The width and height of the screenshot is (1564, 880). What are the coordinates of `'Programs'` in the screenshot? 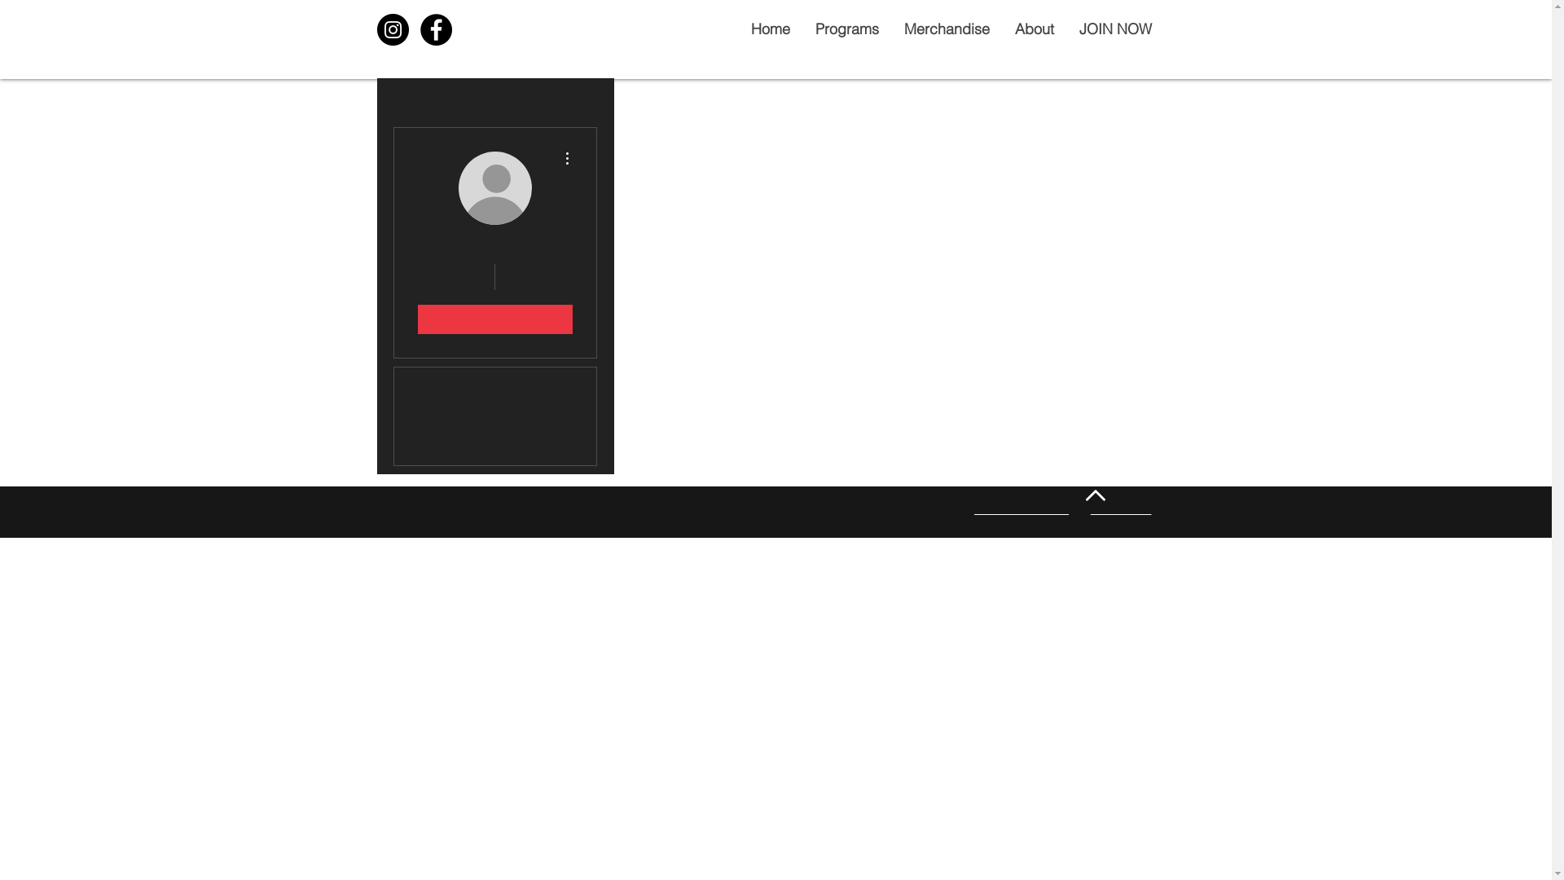 It's located at (846, 29).